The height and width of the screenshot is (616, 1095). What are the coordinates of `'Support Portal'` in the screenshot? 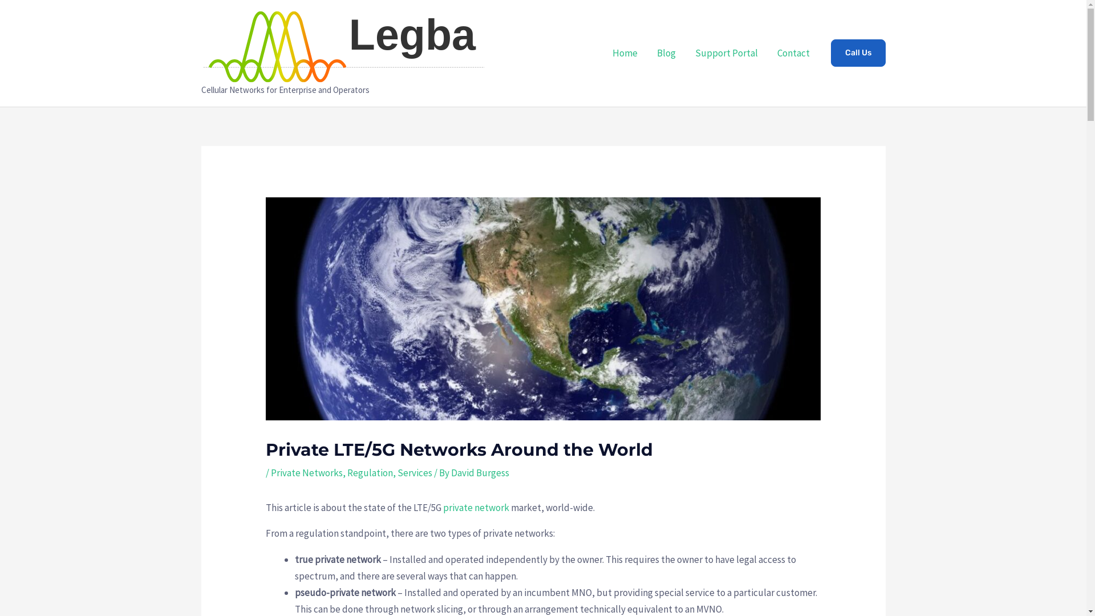 It's located at (725, 52).